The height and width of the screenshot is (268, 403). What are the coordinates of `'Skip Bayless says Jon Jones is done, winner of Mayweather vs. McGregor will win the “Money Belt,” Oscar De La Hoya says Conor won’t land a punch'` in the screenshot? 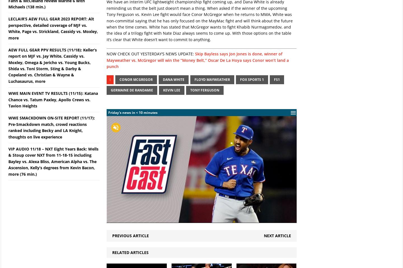 It's located at (198, 60).